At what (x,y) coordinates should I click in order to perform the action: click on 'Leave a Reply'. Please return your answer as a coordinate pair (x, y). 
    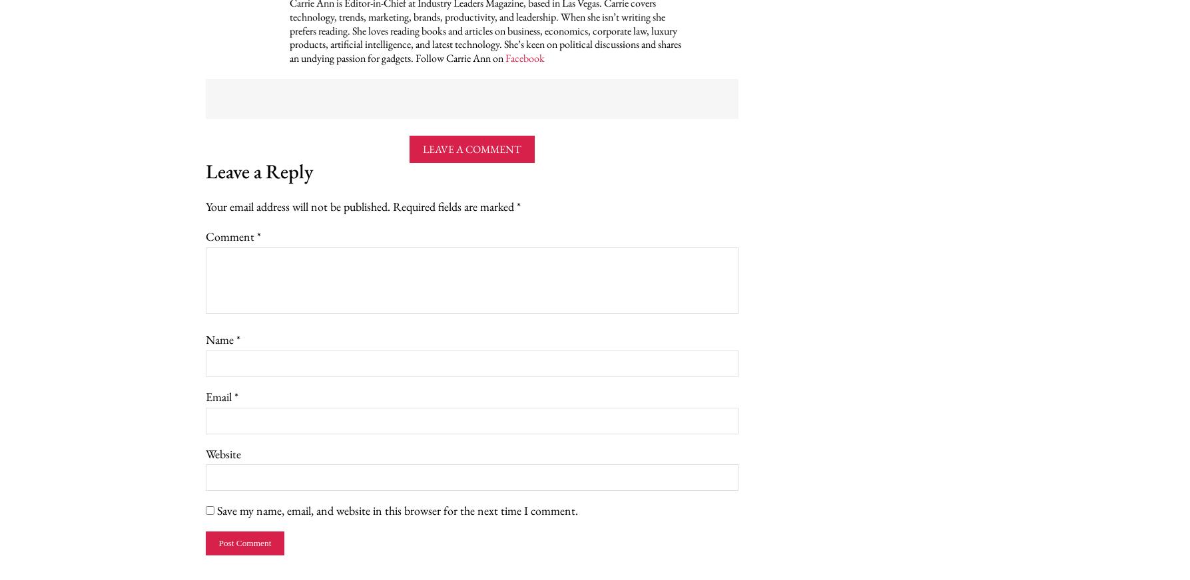
    Looking at the image, I should click on (204, 170).